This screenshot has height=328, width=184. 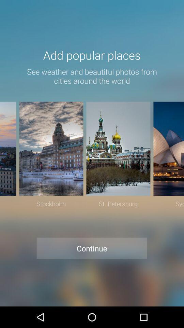 What do you see at coordinates (92, 248) in the screenshot?
I see `item below stockholm item` at bounding box center [92, 248].